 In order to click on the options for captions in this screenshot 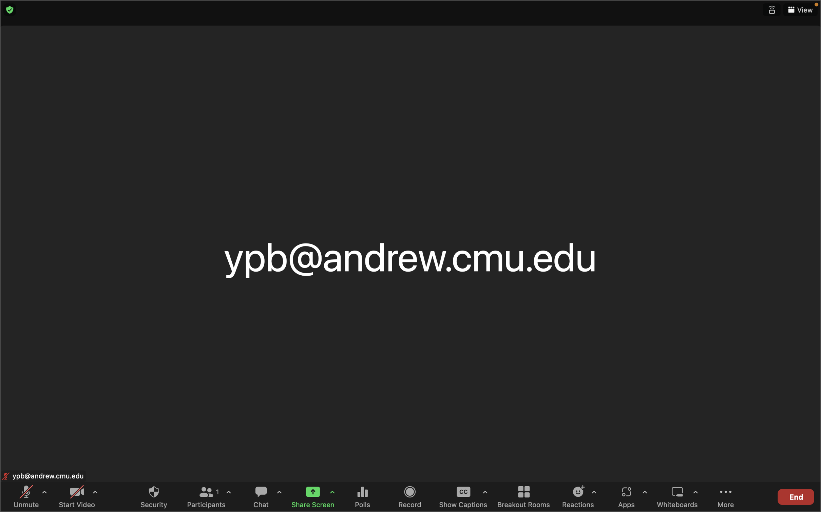, I will do `click(485, 493)`.